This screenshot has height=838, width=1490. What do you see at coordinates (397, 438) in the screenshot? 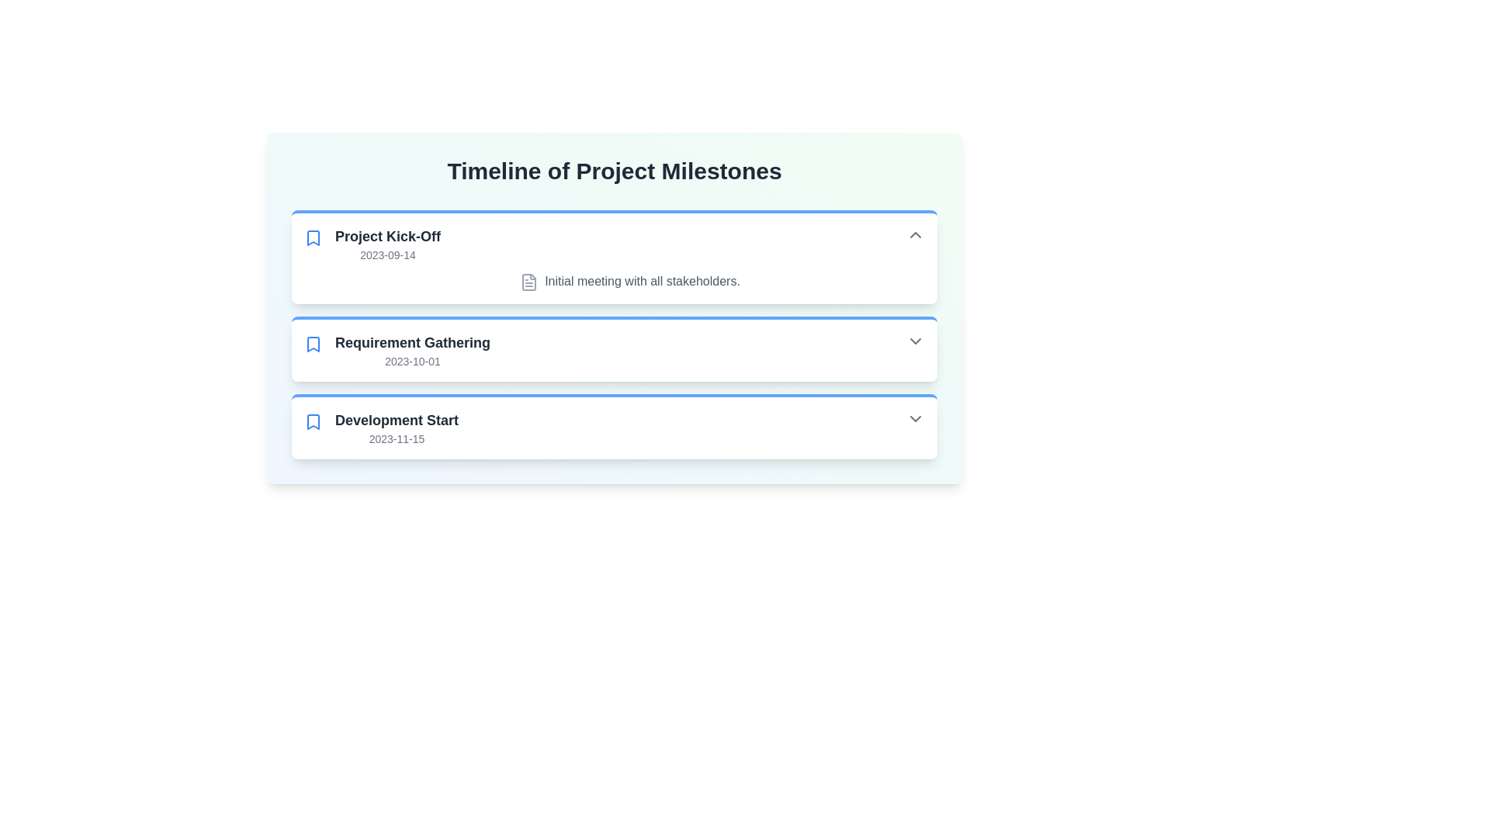
I see `the text label displaying the date '2023-11-15' located in the 'Development Start' section, positioned directly below the title text` at bounding box center [397, 438].